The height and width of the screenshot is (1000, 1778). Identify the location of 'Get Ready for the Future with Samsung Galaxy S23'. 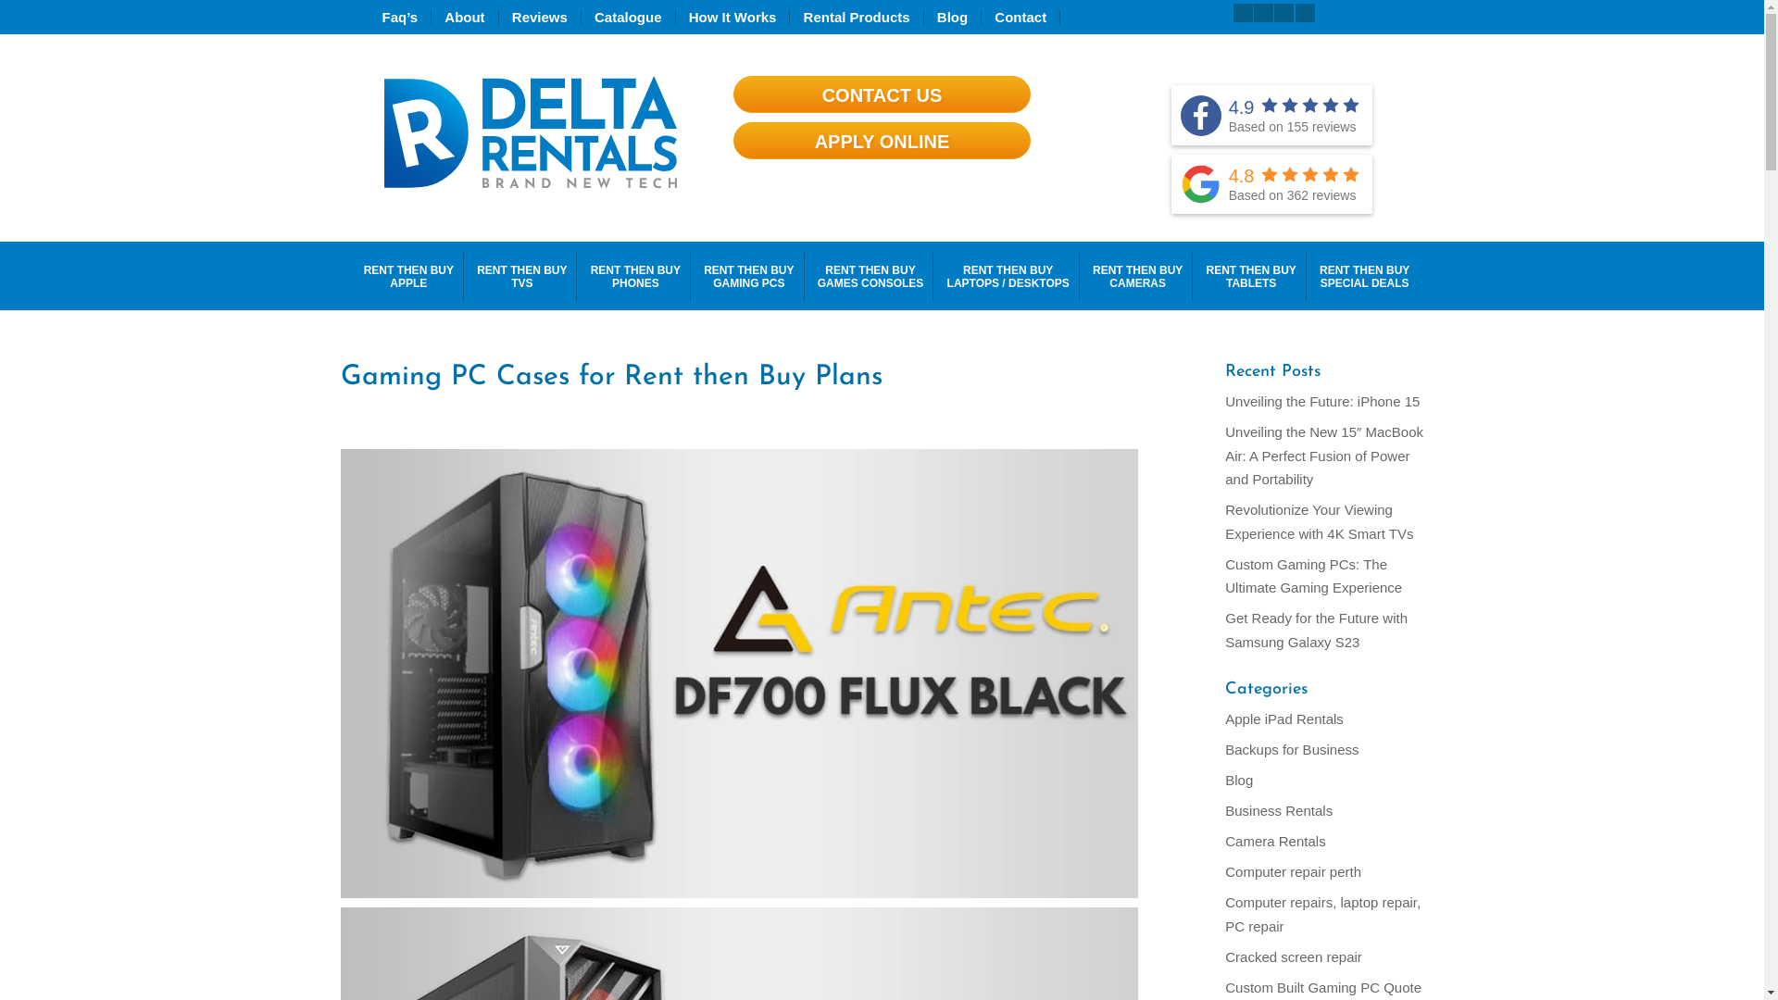
(1315, 629).